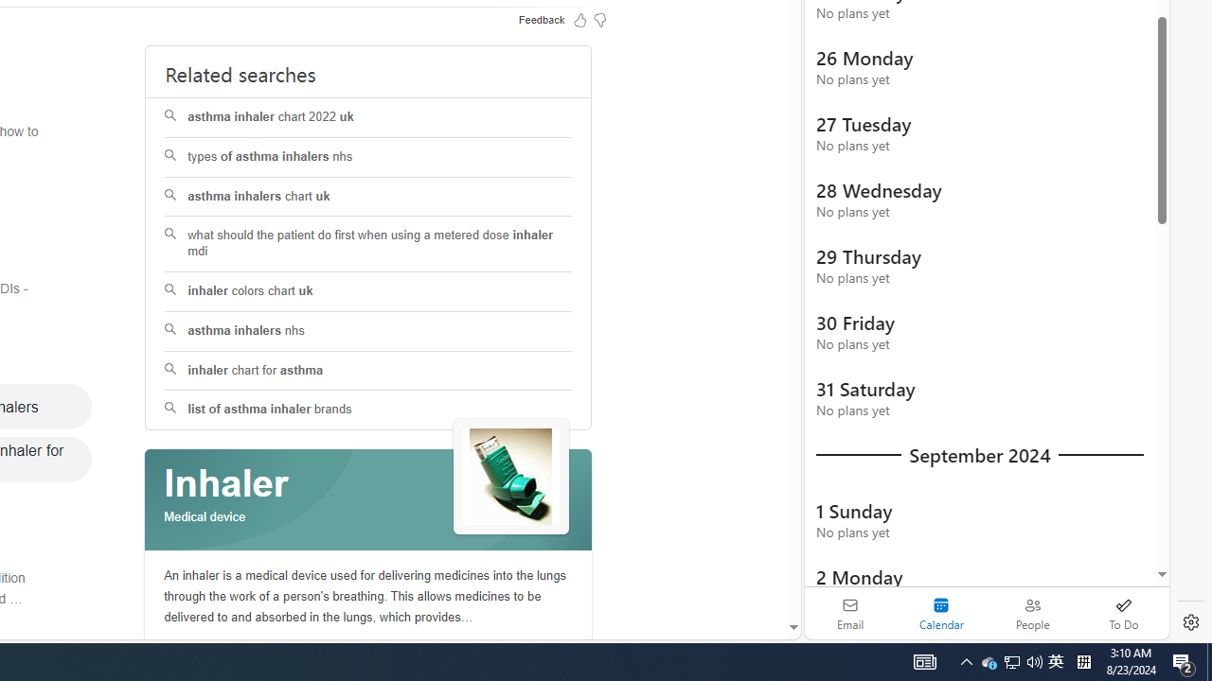  Describe the element at coordinates (511, 477) in the screenshot. I see `'See more images of Inhaler'` at that location.